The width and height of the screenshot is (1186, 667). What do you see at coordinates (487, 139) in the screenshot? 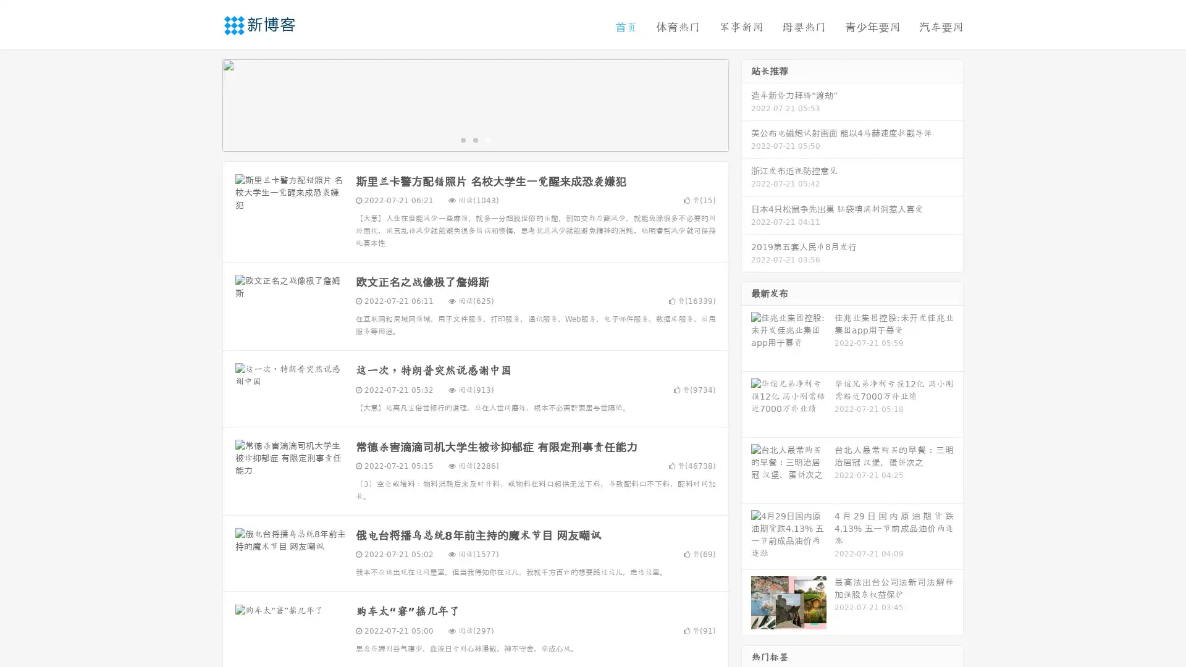
I see `Go to slide 3` at bounding box center [487, 139].